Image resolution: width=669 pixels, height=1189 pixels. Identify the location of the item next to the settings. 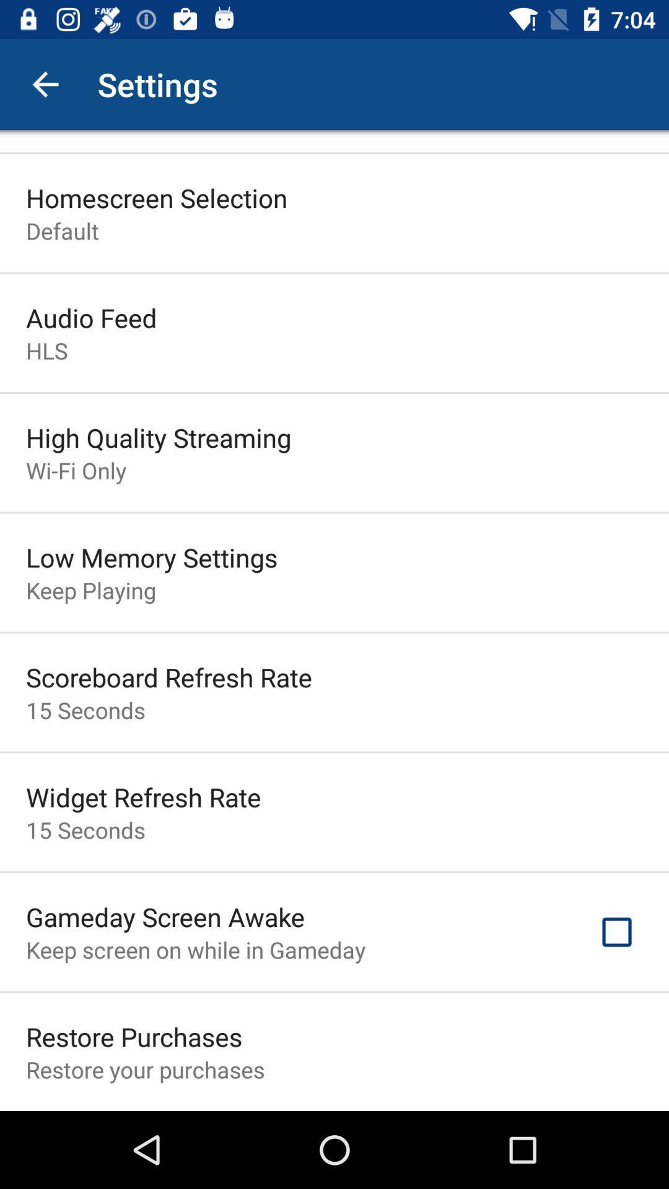
(45, 84).